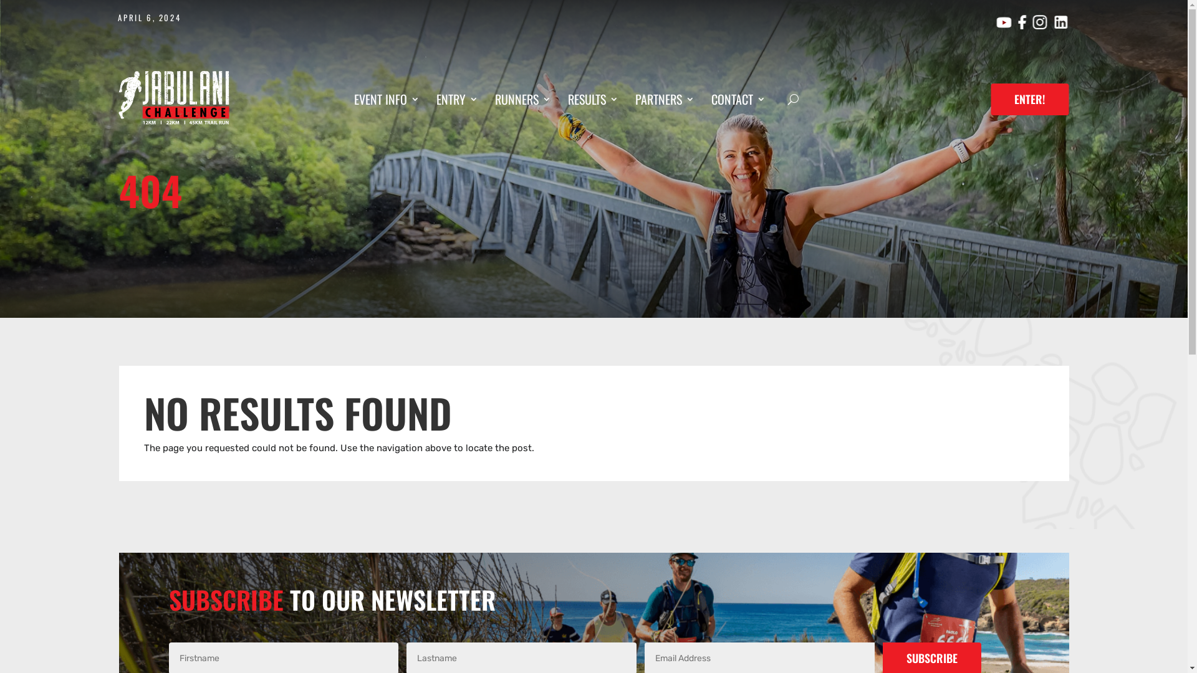  Describe the element at coordinates (353, 100) in the screenshot. I see `'EVENT INFO'` at that location.